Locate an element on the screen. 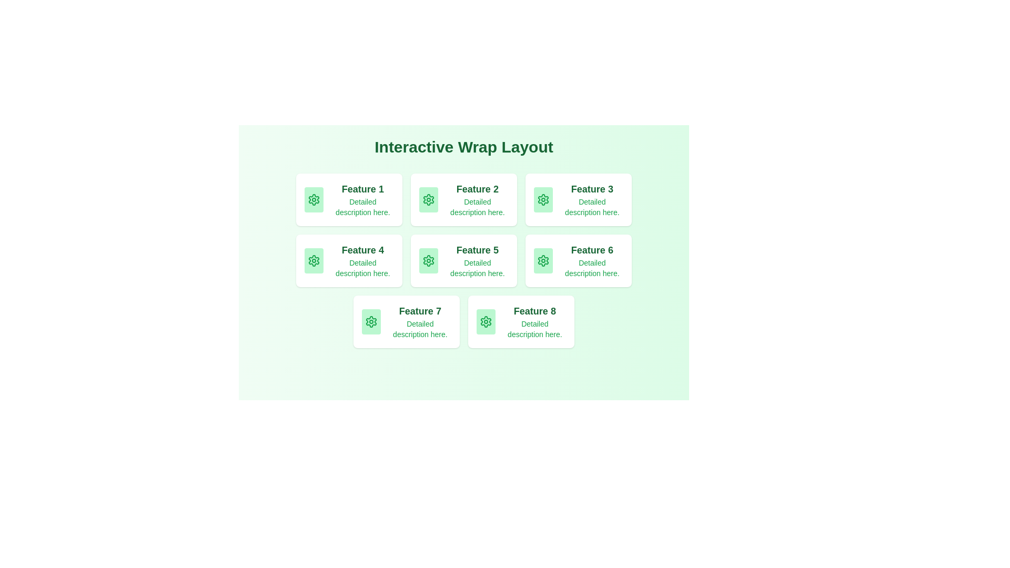 The width and height of the screenshot is (1010, 568). the bold, green header text labeled 'Feature 4.' which is prominently visible above the smaller descriptive text within the card labeled 'Feature 4 Detailed description here.' is located at coordinates (362, 250).